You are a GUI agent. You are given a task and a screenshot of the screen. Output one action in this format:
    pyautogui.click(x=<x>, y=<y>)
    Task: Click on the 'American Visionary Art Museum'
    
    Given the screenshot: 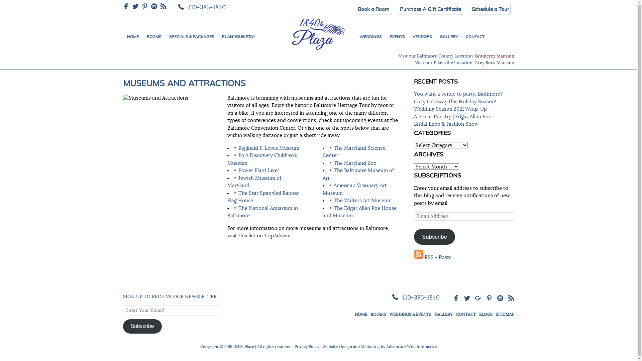 What is the action you would take?
    pyautogui.click(x=354, y=190)
    